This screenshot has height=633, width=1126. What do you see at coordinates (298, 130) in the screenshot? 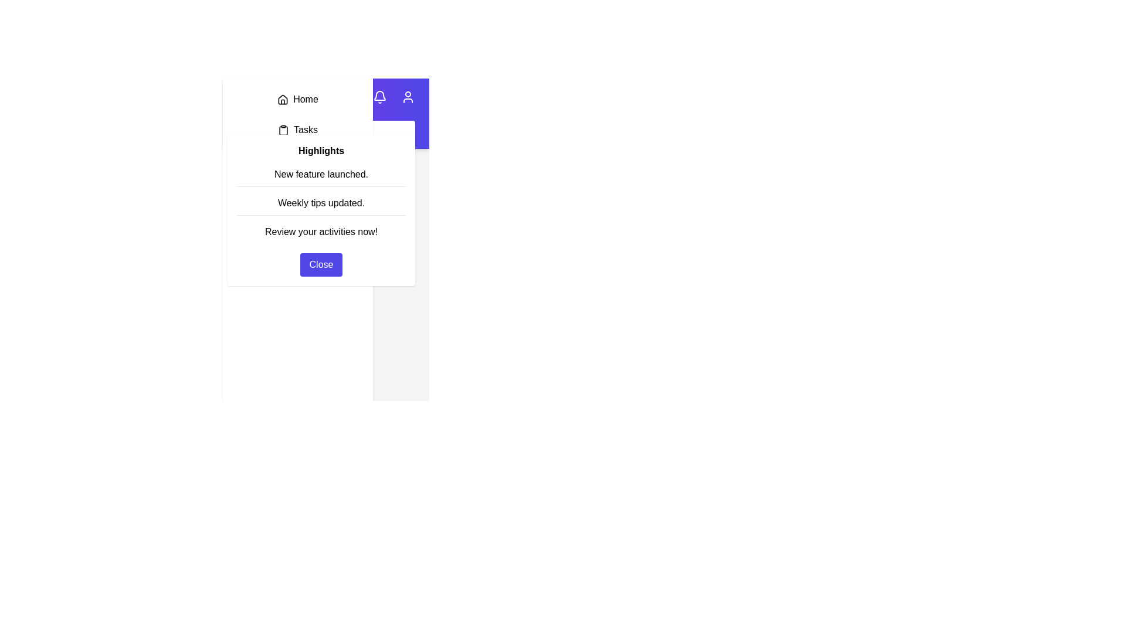
I see `the 'Tasks' menu item, which is the second item in the vertical menu list` at bounding box center [298, 130].